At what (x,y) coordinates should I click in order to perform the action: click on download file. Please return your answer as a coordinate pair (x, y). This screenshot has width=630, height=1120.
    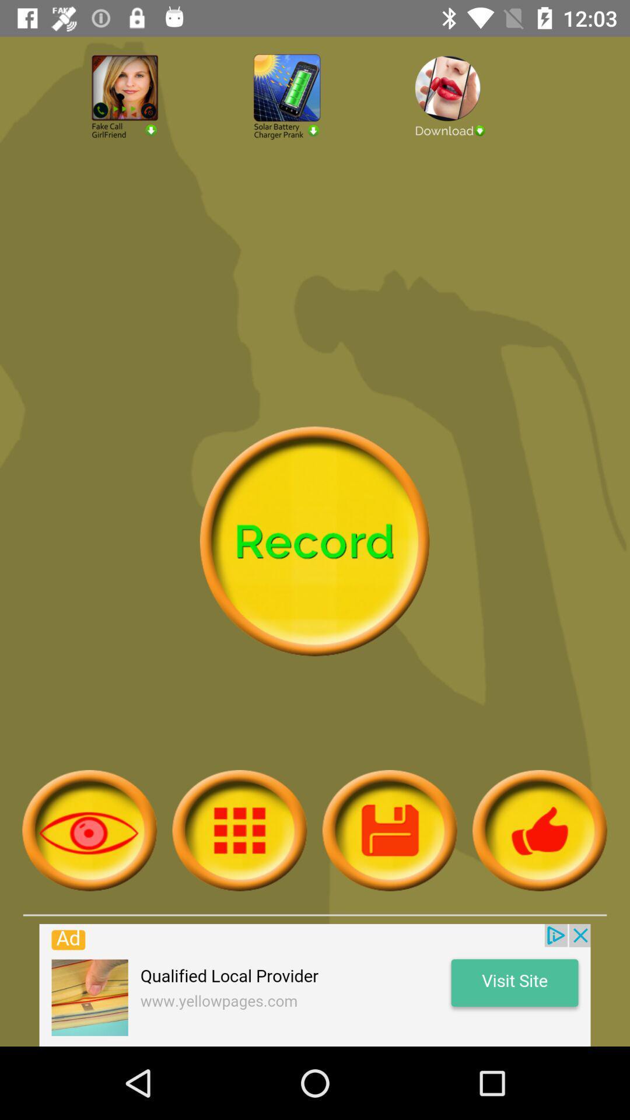
    Looking at the image, I should click on (477, 128).